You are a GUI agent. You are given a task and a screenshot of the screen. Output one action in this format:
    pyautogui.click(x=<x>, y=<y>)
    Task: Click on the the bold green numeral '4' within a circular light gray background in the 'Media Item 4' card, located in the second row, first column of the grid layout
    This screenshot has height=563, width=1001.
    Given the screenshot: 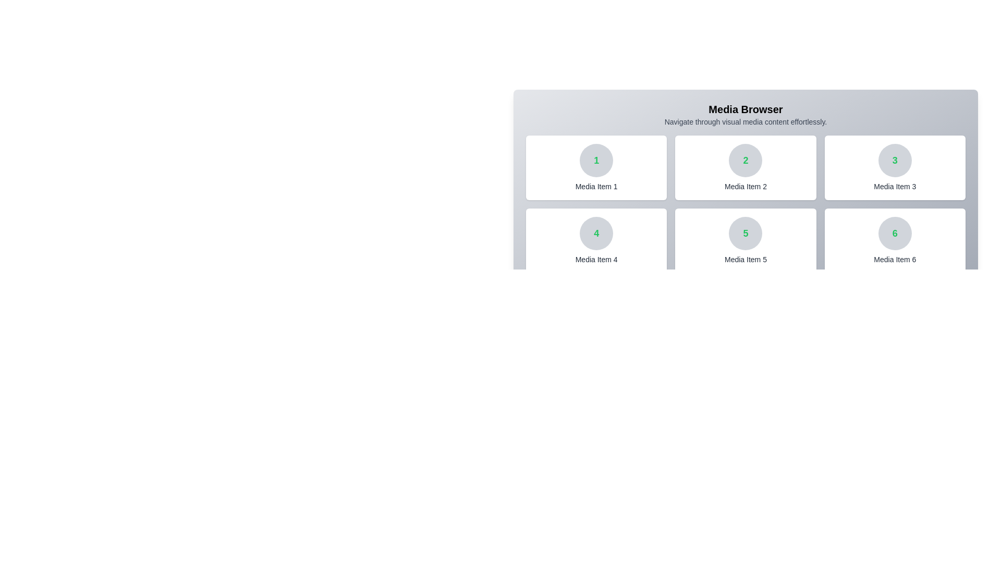 What is the action you would take?
    pyautogui.click(x=596, y=232)
    